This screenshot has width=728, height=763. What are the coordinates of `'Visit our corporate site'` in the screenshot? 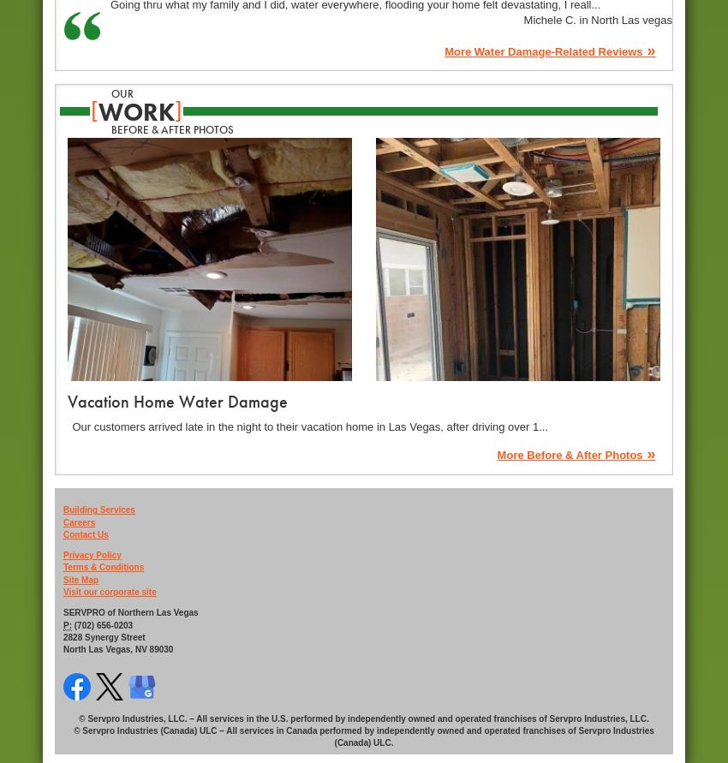 It's located at (110, 591).